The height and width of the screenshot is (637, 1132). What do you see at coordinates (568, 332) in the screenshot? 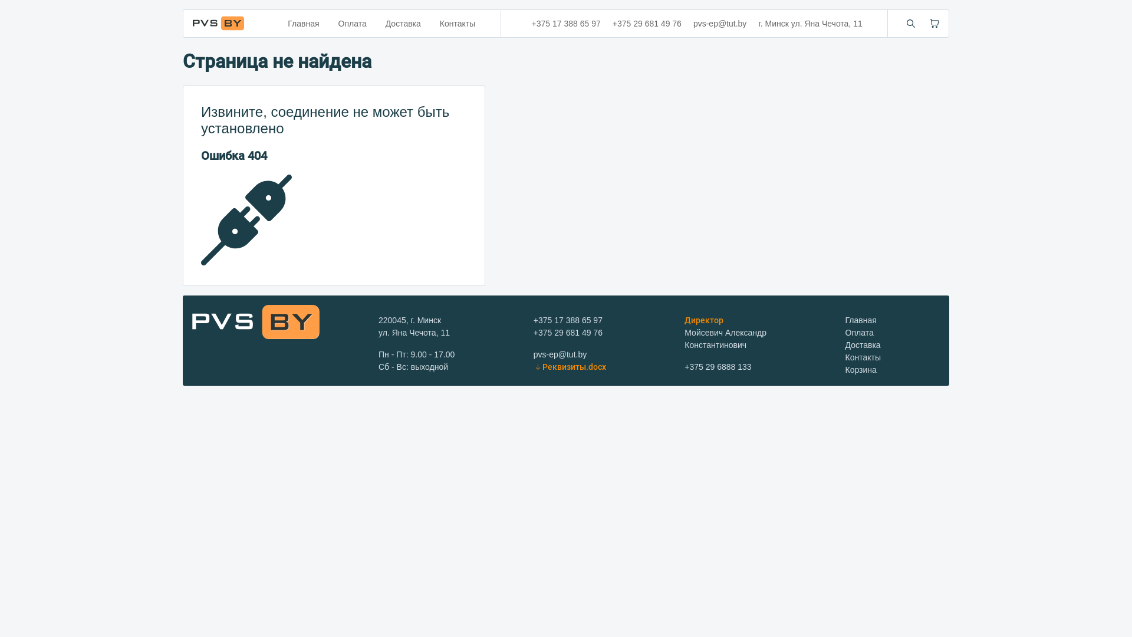
I see `'+375 29 681 49 76'` at bounding box center [568, 332].